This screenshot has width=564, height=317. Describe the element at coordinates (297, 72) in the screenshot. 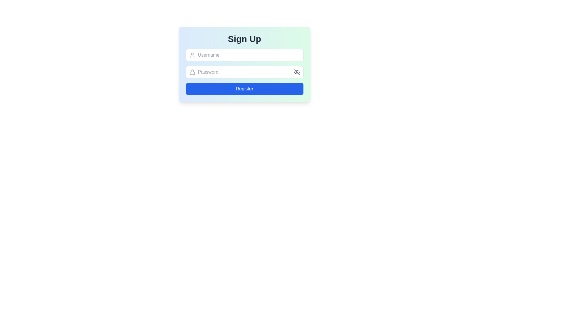

I see `the 'hide password' icon located within the 'Password' input field section on the Sign-Up form` at that location.